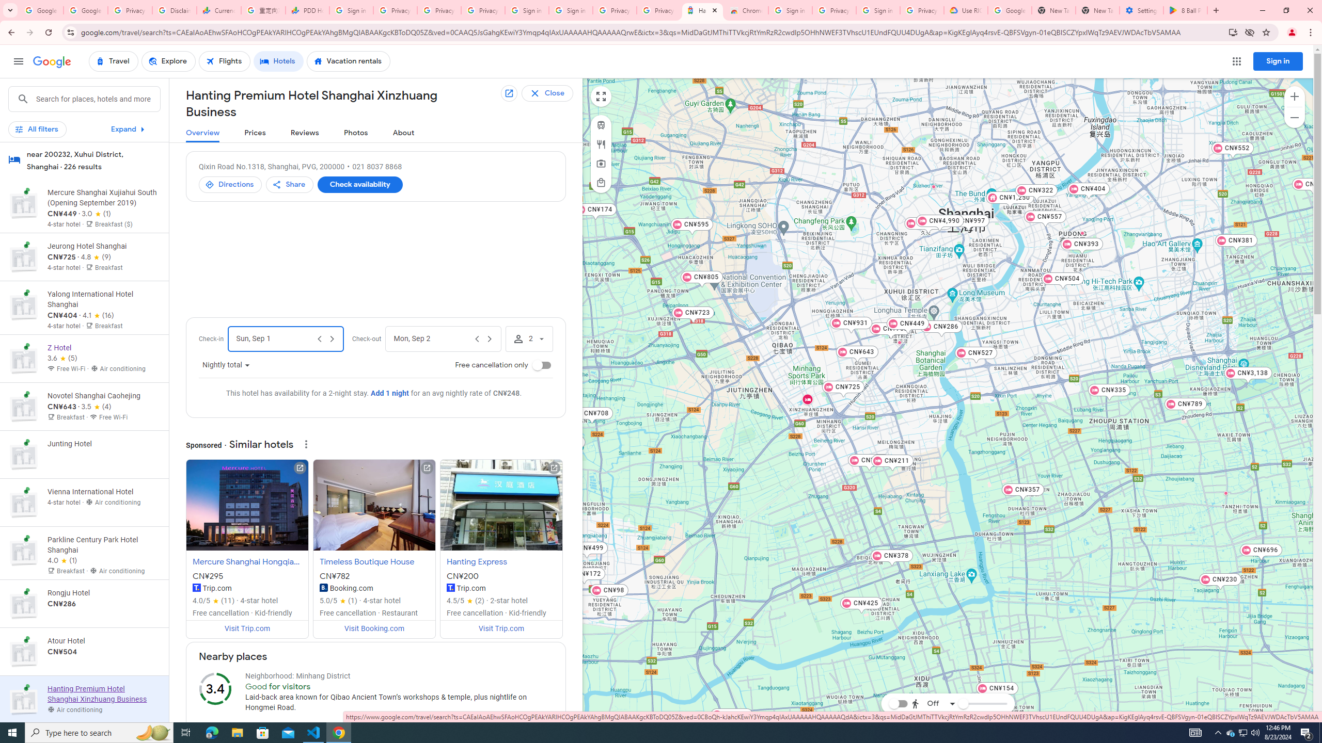 This screenshot has width=1322, height=743. I want to click on 'Currencies - Google Finance', so click(218, 10).